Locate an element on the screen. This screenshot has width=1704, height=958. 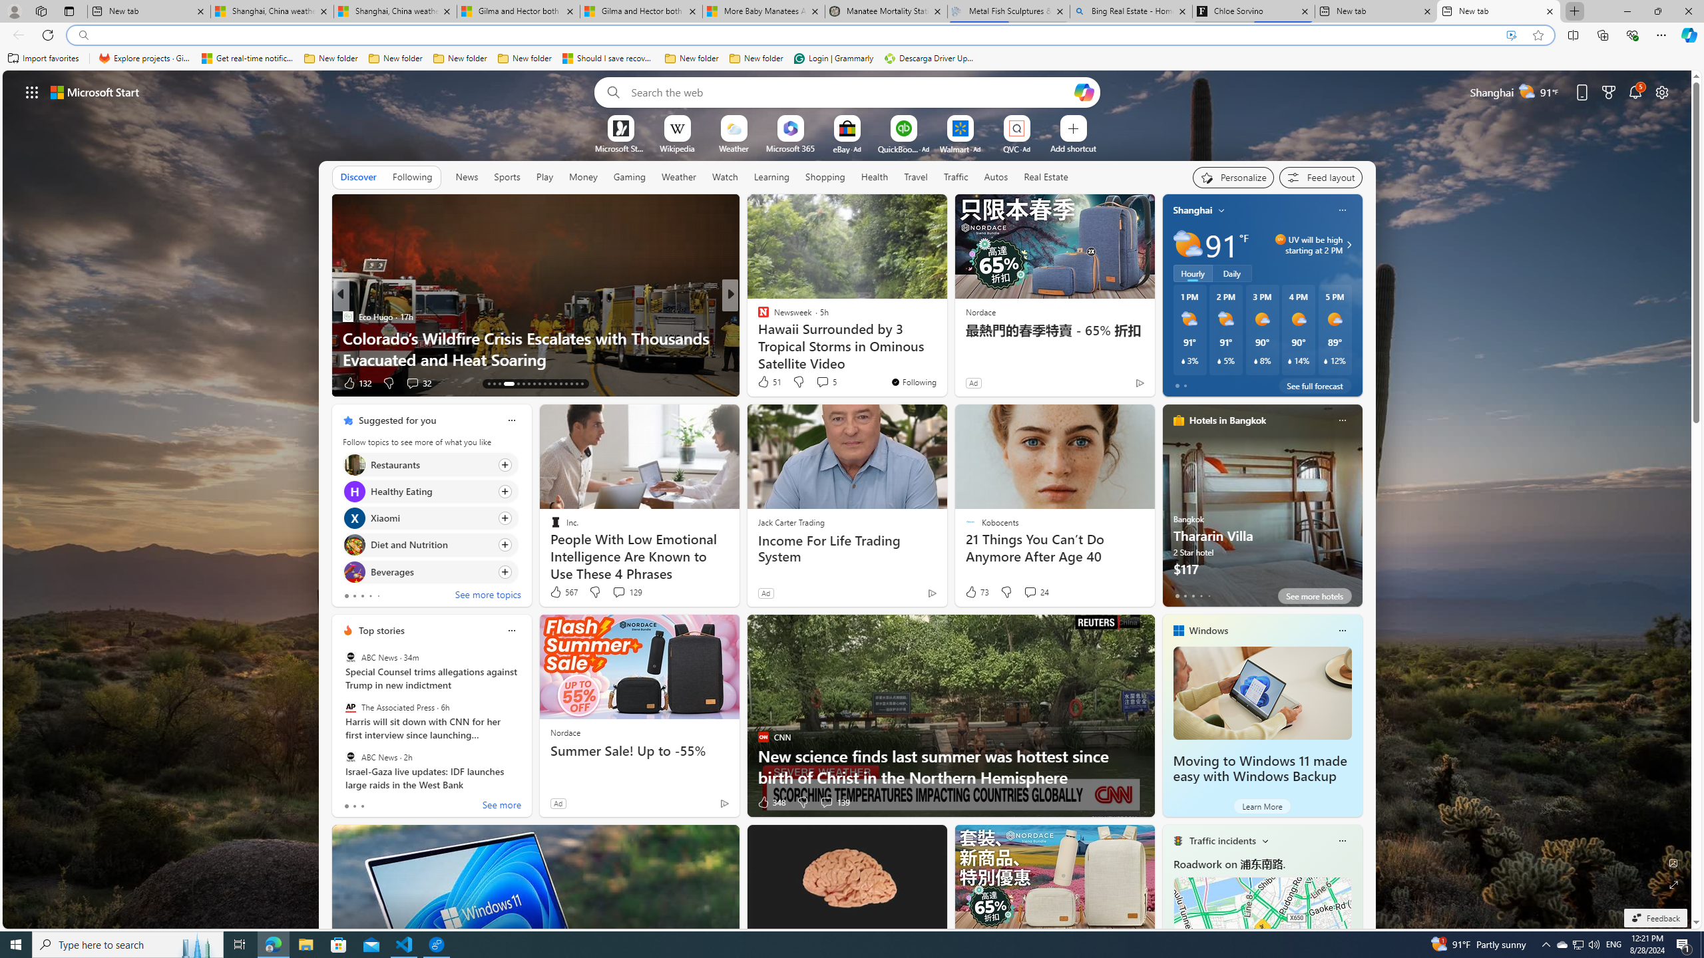
'New folder' is located at coordinates (756, 58).